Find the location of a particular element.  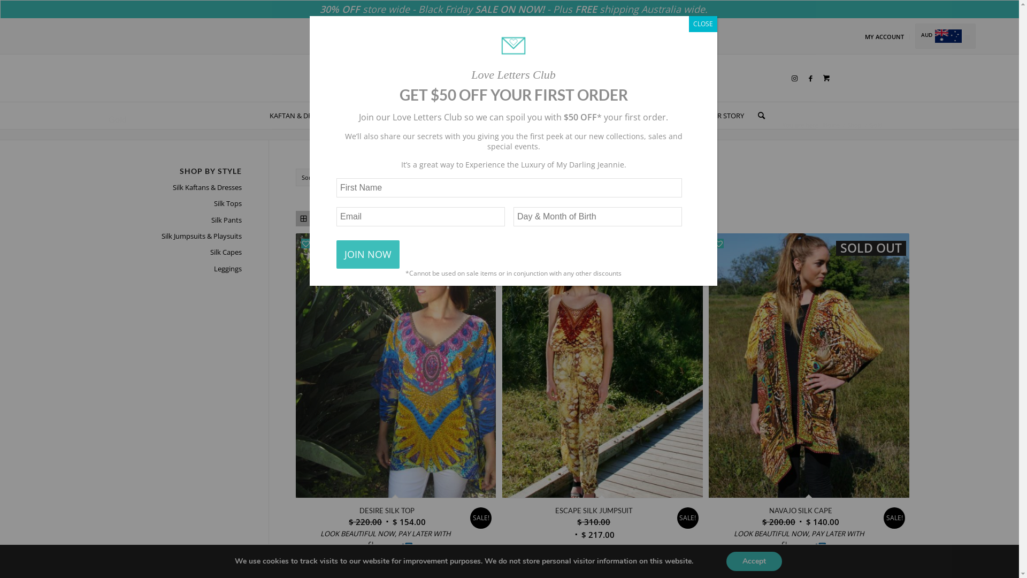

'JOIN NOW' is located at coordinates (367, 254).